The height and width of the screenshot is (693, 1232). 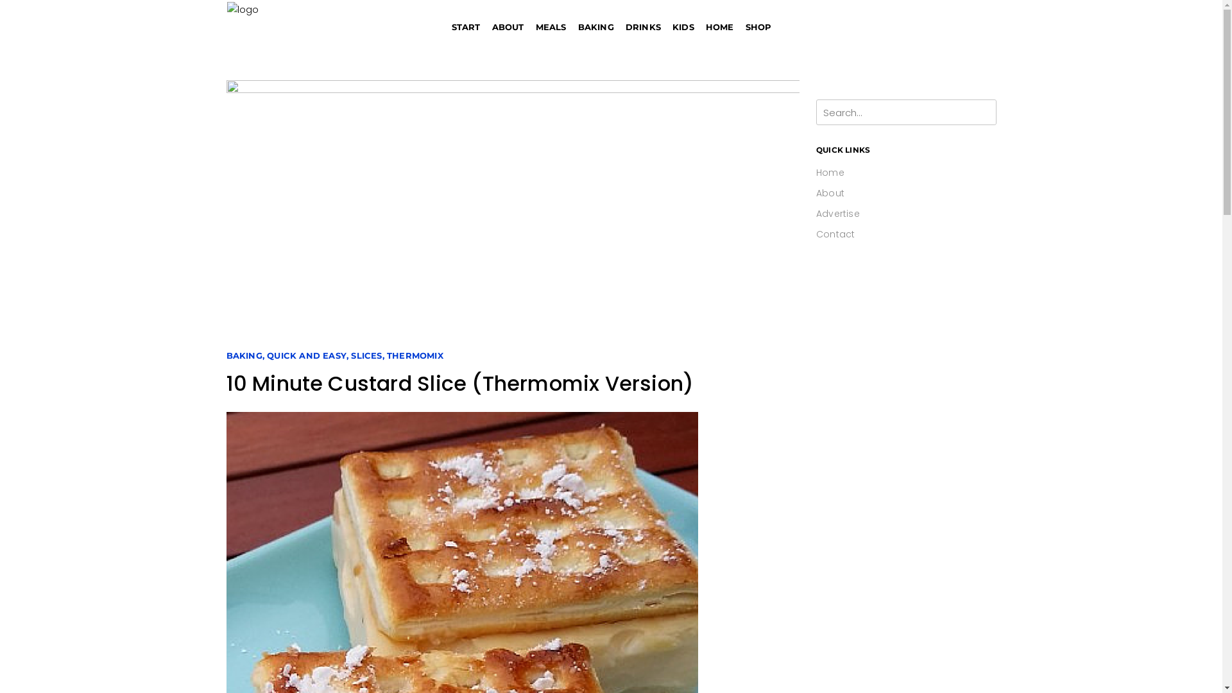 I want to click on 'THERMOMIX', so click(x=415, y=355).